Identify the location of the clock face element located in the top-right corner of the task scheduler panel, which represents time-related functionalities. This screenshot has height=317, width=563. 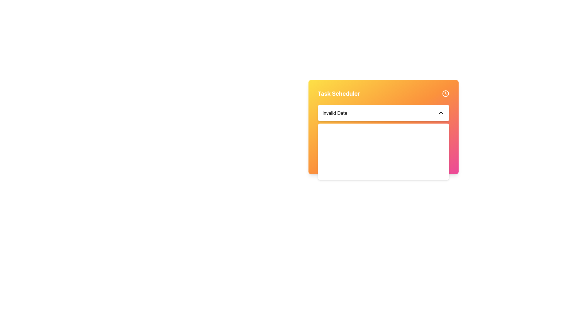
(446, 93).